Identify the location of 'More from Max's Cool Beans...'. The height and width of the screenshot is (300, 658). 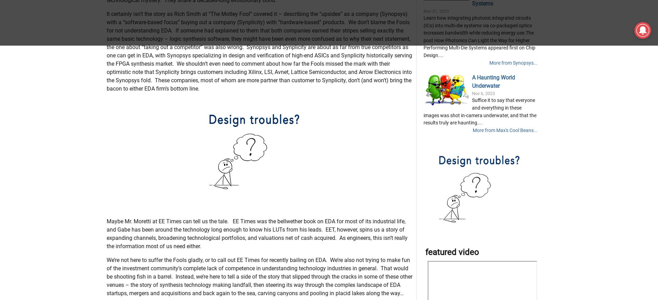
(505, 164).